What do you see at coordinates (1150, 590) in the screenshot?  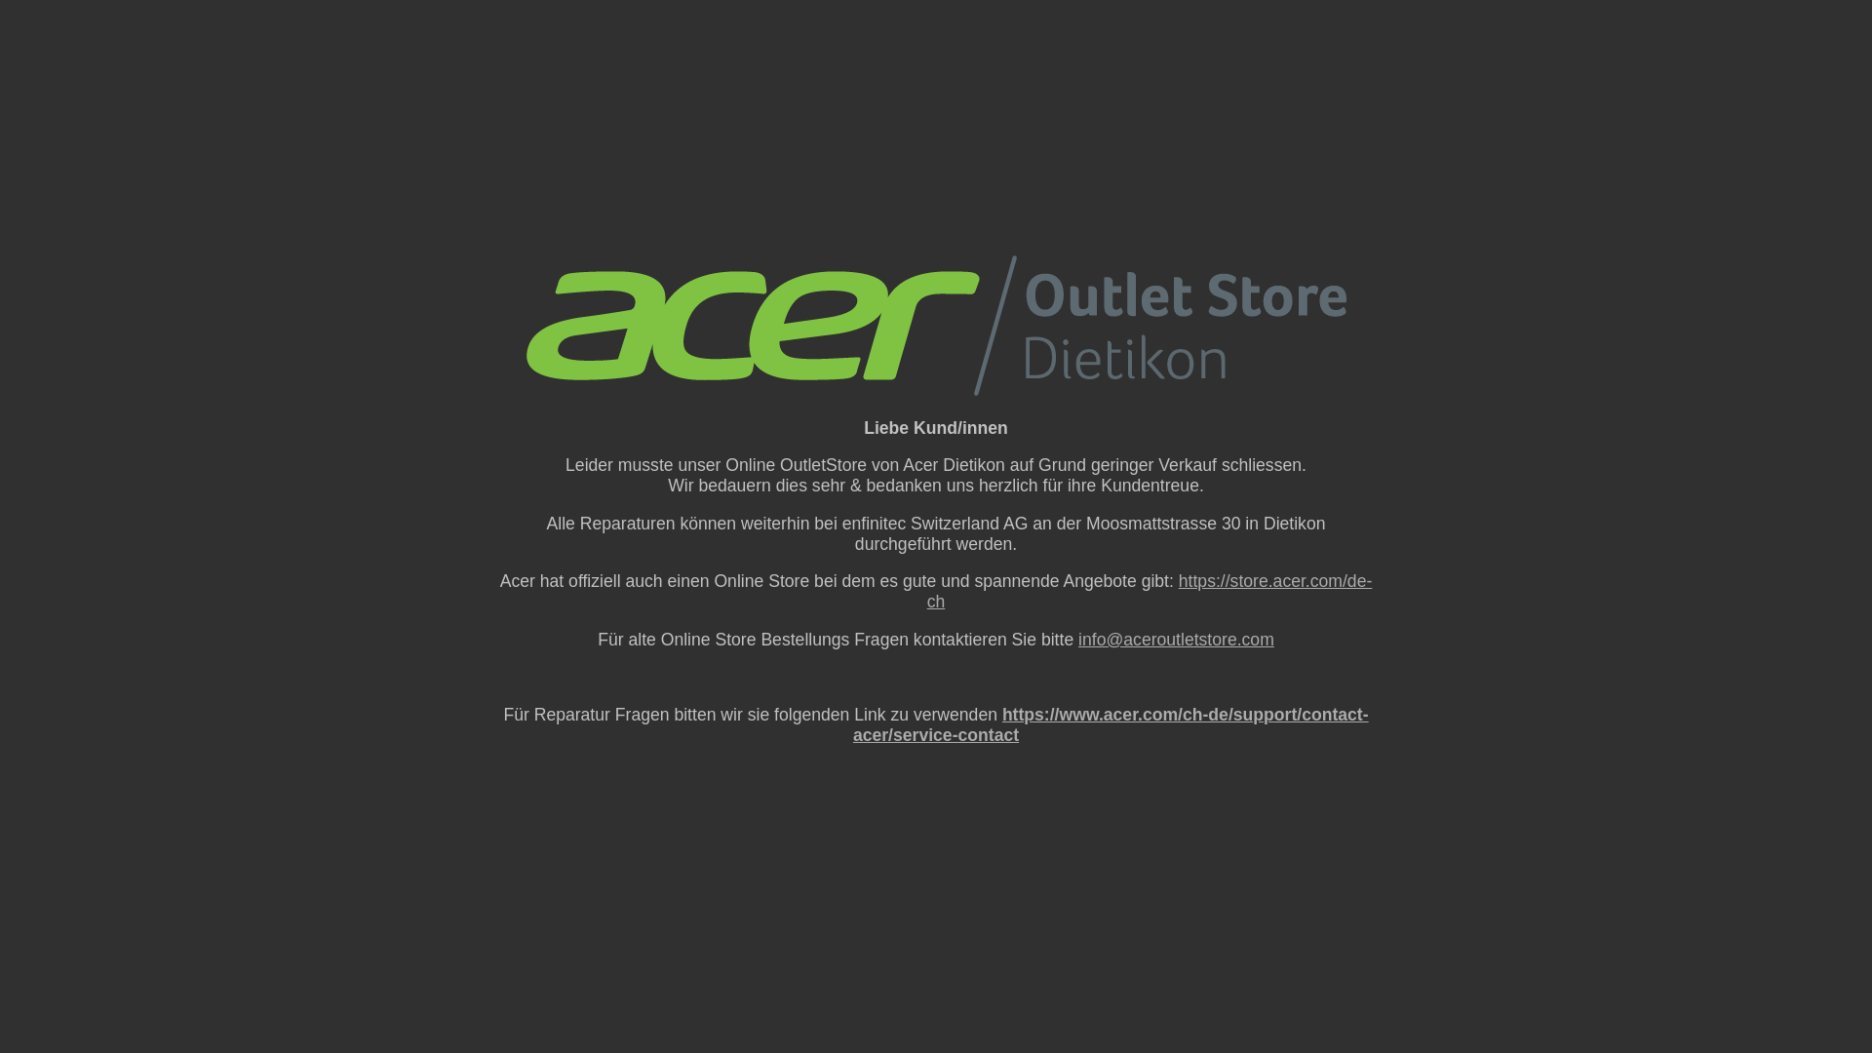 I see `'https://store.acer.com/de-ch'` at bounding box center [1150, 590].